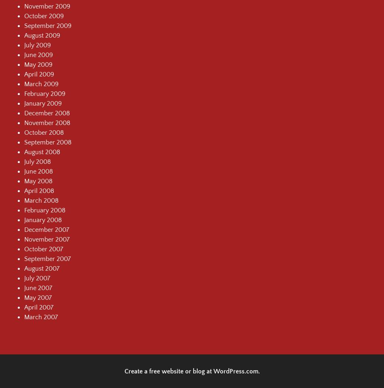 This screenshot has width=384, height=388. Describe the element at coordinates (24, 142) in the screenshot. I see `'September 2008'` at that location.